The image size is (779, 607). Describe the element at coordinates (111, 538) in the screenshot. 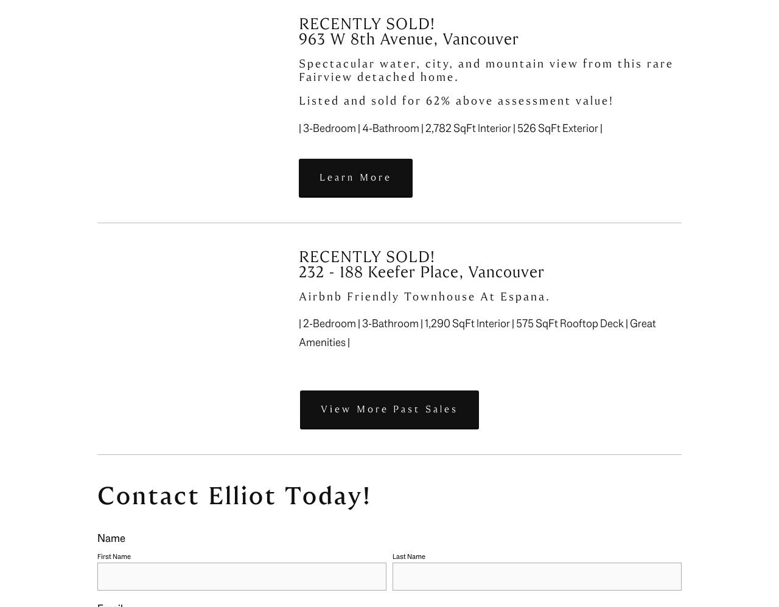

I see `'Name'` at that location.